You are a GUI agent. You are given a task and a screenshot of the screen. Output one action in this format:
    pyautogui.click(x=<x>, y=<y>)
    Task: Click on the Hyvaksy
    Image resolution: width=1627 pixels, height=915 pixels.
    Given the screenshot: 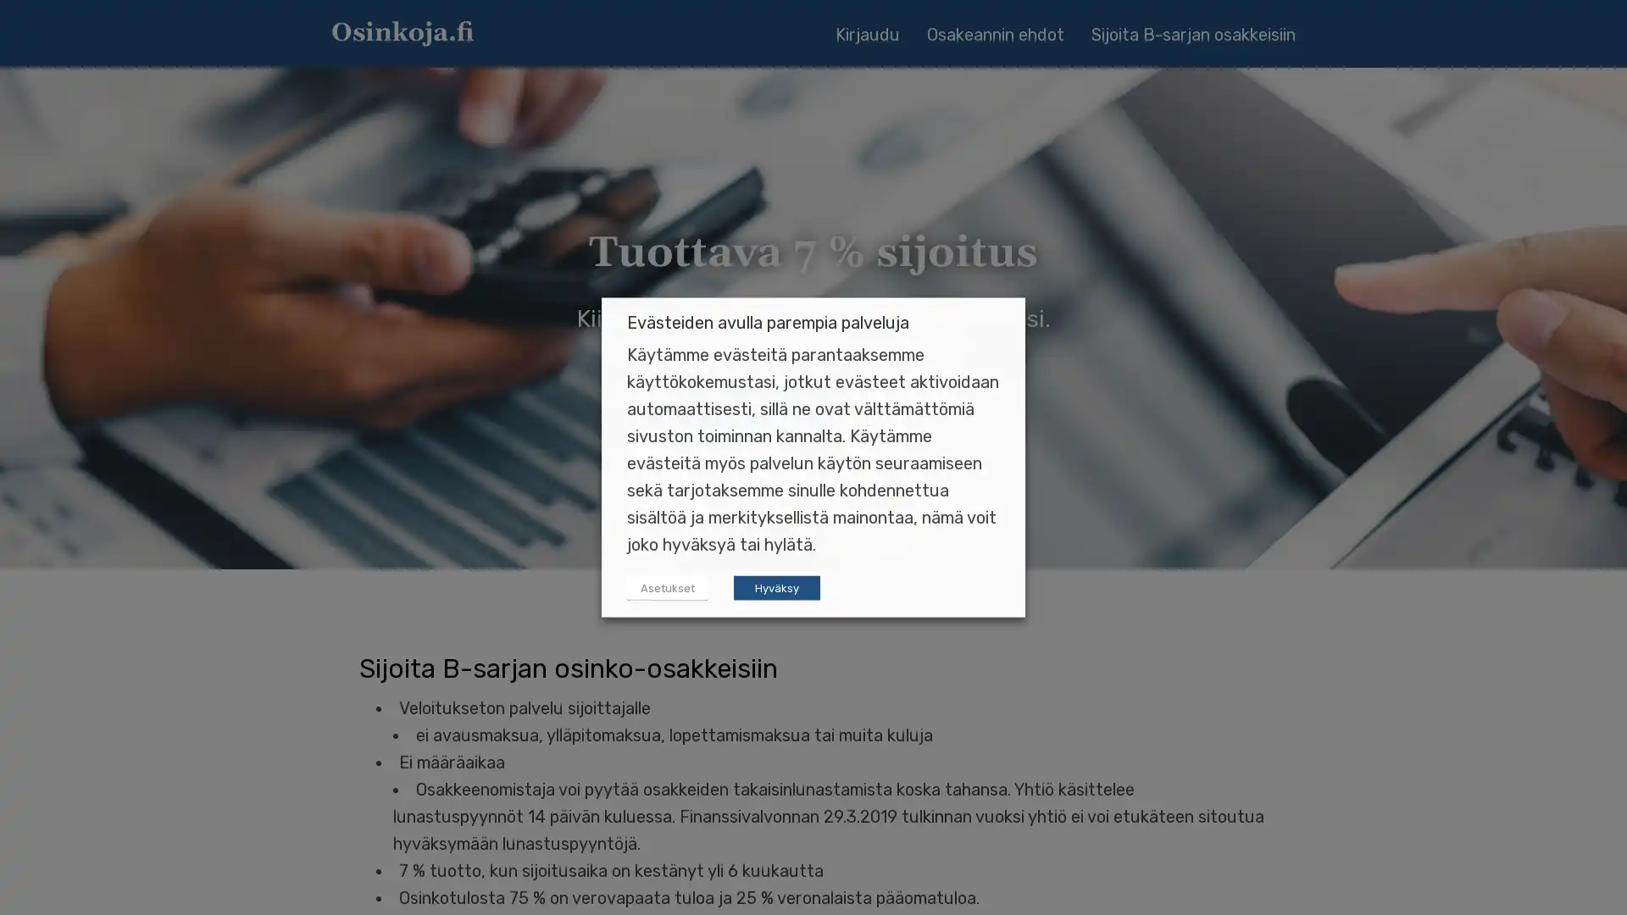 What is the action you would take?
    pyautogui.click(x=775, y=586)
    